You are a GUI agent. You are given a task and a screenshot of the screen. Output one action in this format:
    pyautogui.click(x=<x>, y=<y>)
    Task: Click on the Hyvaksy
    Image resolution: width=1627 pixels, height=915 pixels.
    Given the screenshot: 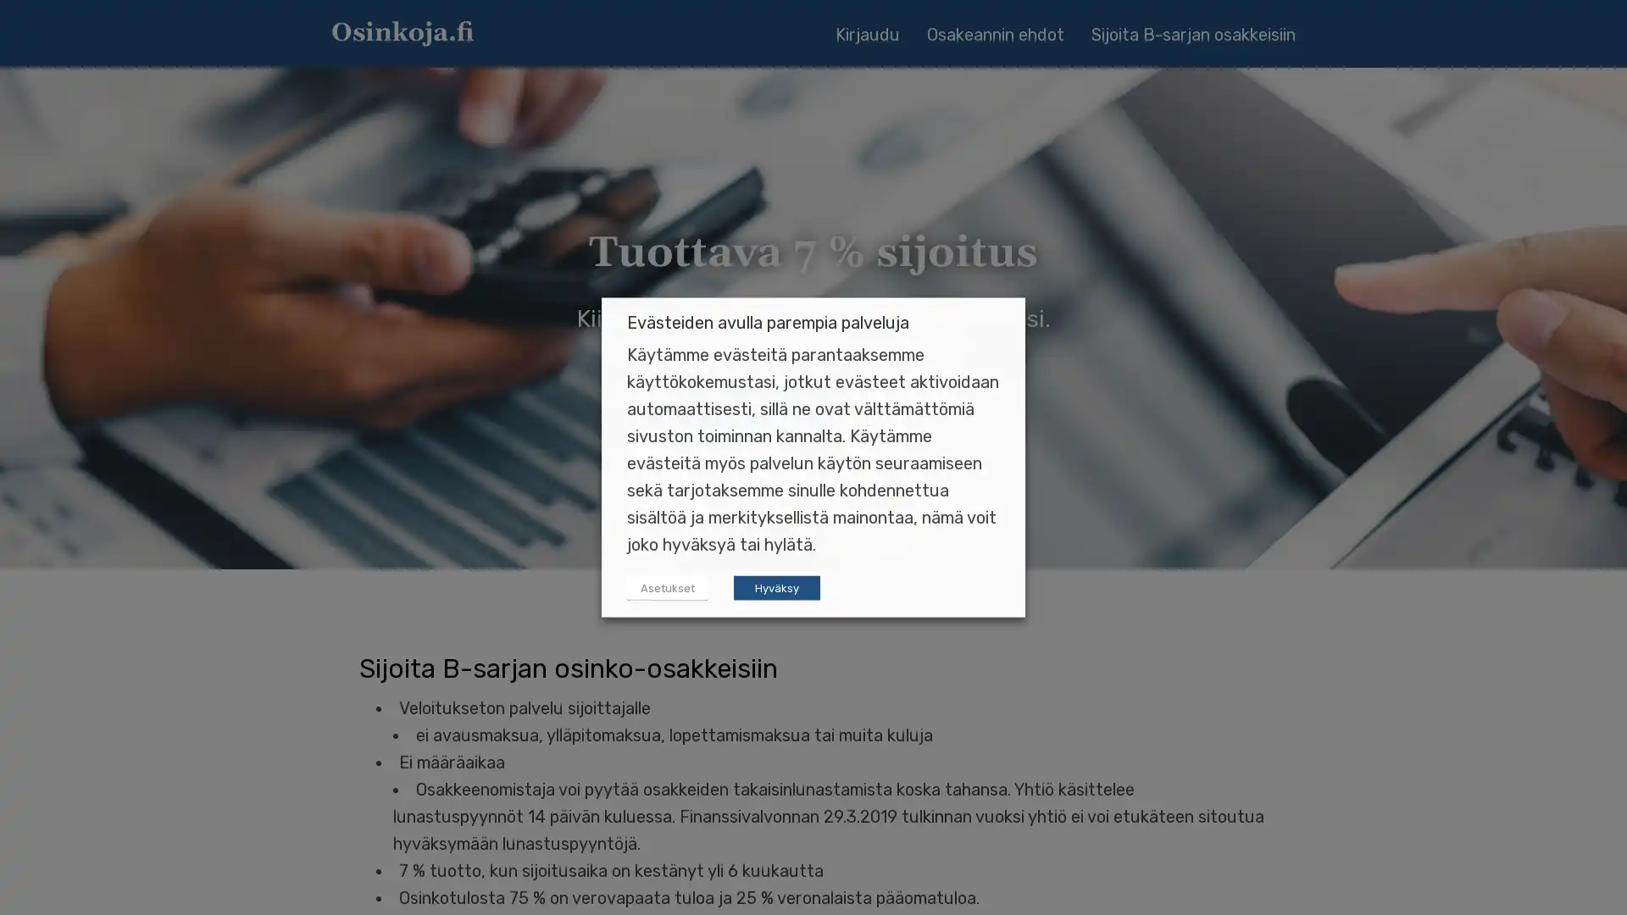 What is the action you would take?
    pyautogui.click(x=775, y=586)
    